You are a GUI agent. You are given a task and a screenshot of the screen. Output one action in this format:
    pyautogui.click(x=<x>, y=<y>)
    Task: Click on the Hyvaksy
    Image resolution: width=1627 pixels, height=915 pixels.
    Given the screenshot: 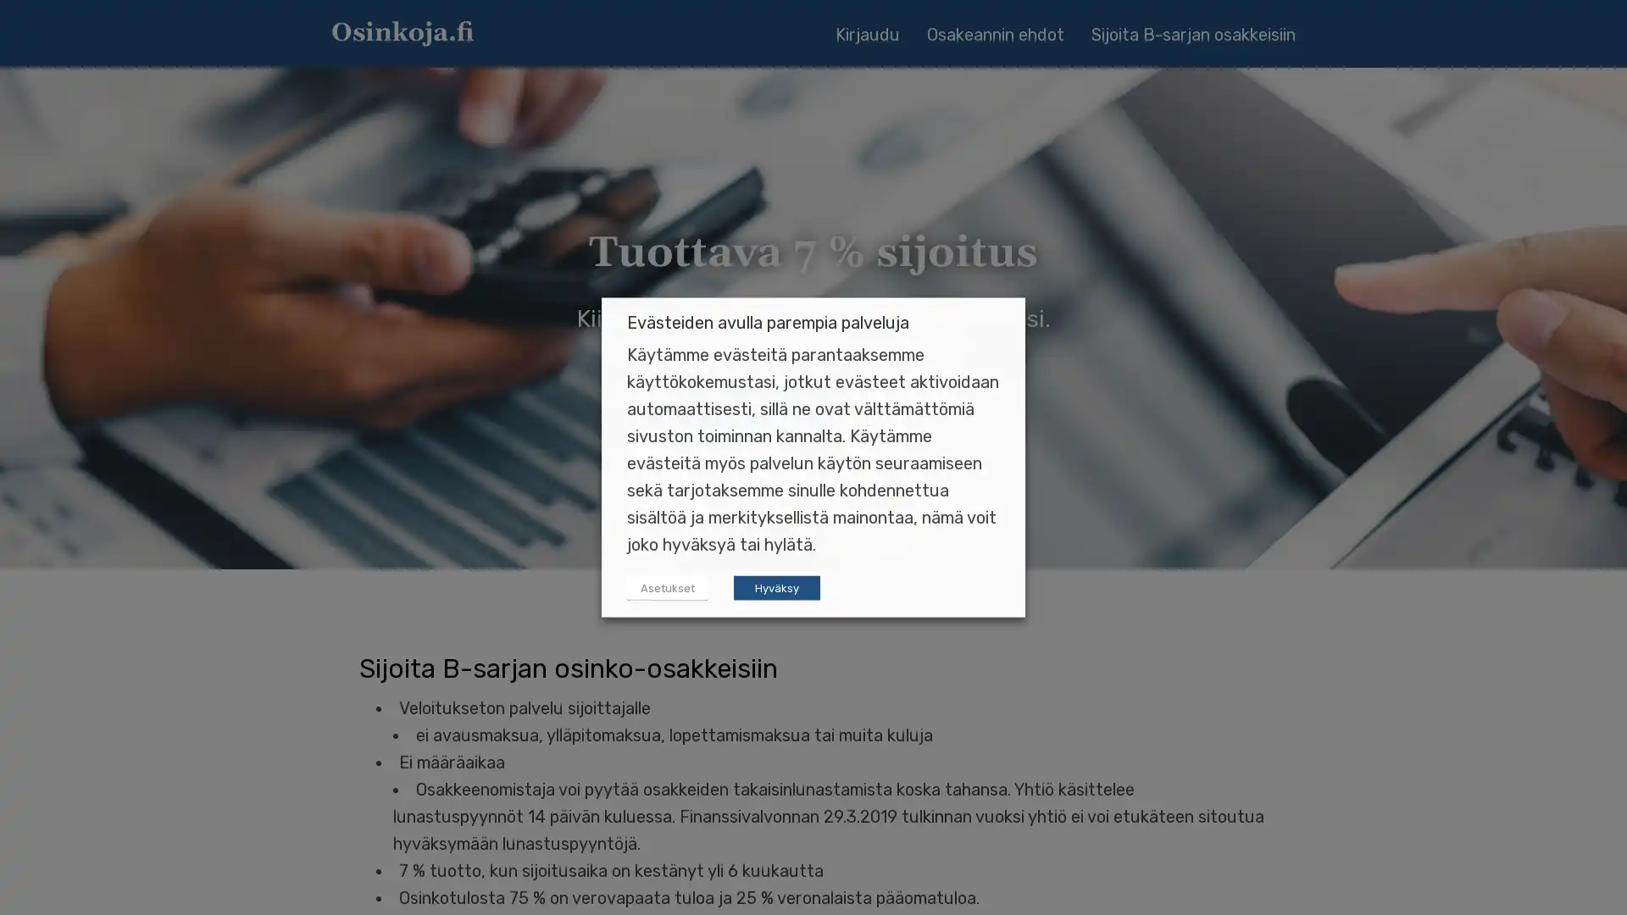 What is the action you would take?
    pyautogui.click(x=775, y=586)
    